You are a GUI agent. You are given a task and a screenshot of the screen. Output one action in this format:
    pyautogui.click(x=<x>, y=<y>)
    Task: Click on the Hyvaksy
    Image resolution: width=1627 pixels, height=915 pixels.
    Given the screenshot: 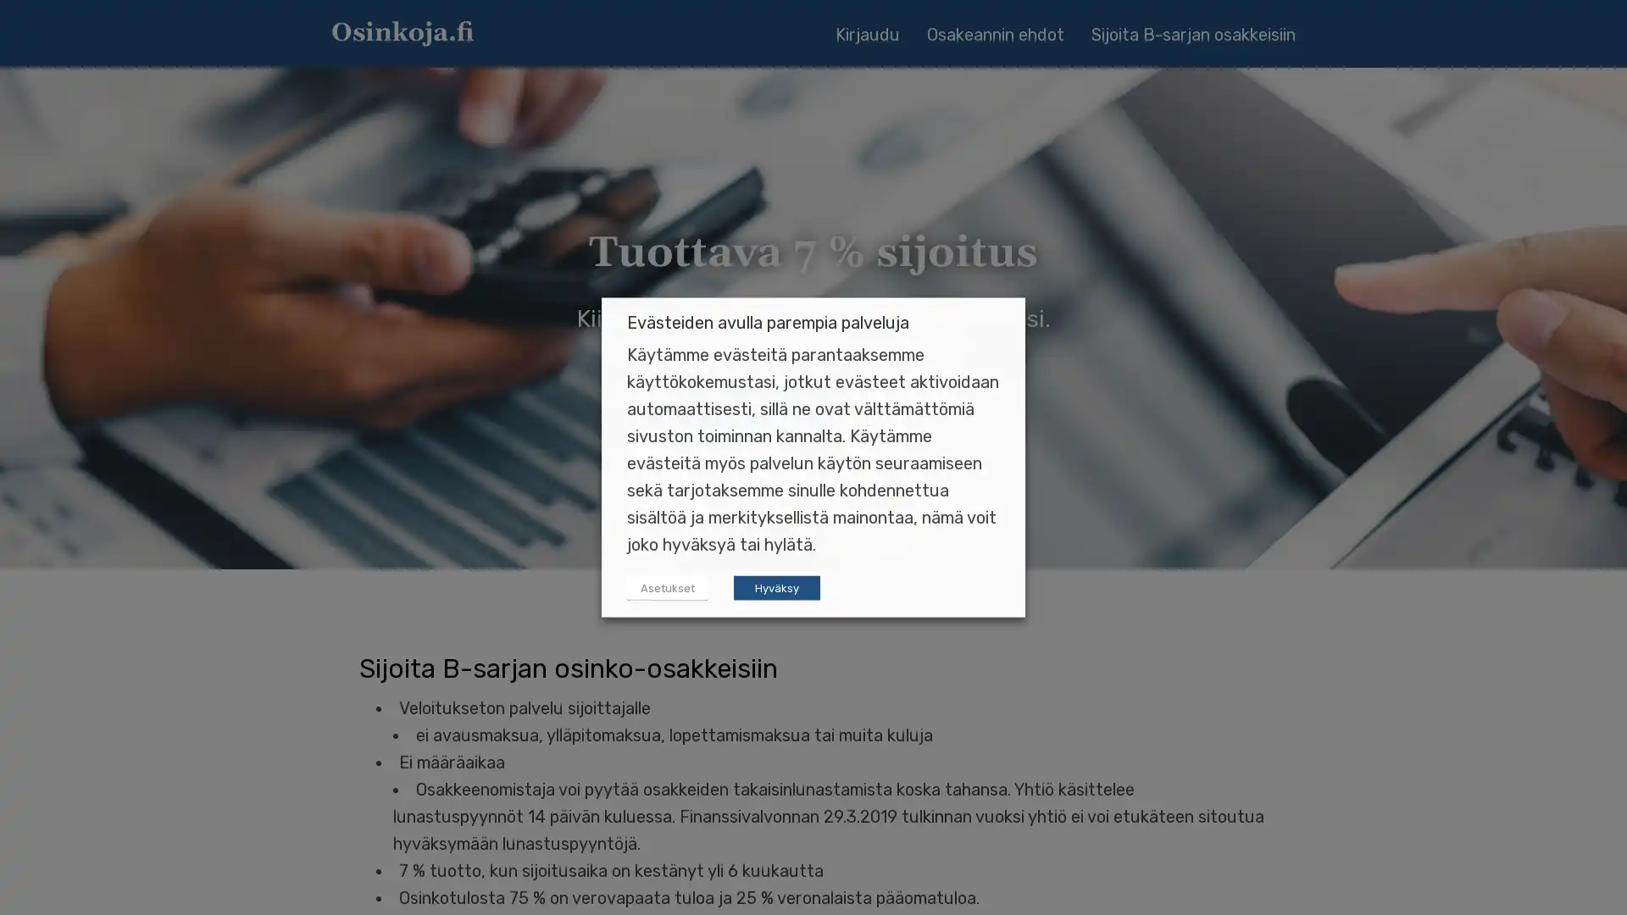 What is the action you would take?
    pyautogui.click(x=775, y=586)
    